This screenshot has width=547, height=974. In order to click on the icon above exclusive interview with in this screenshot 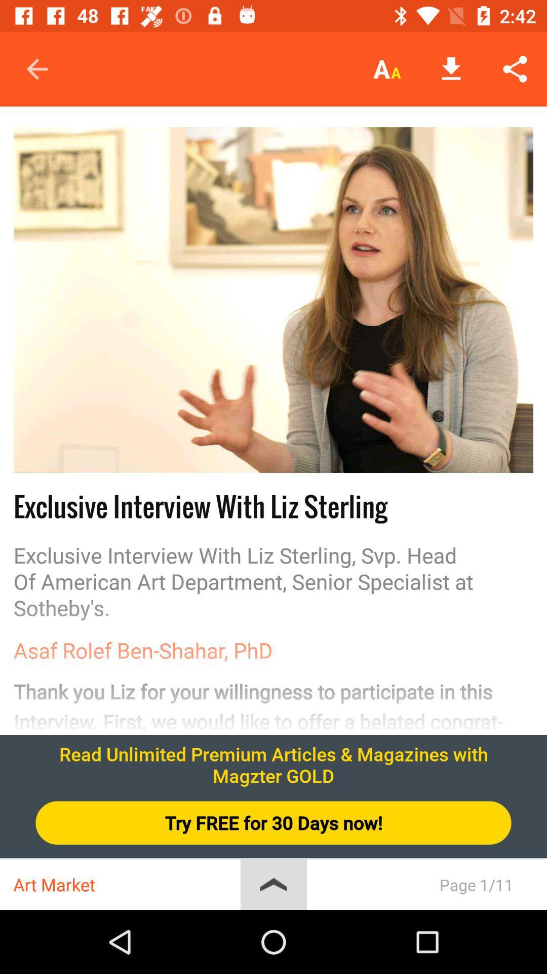, I will do `click(273, 299)`.